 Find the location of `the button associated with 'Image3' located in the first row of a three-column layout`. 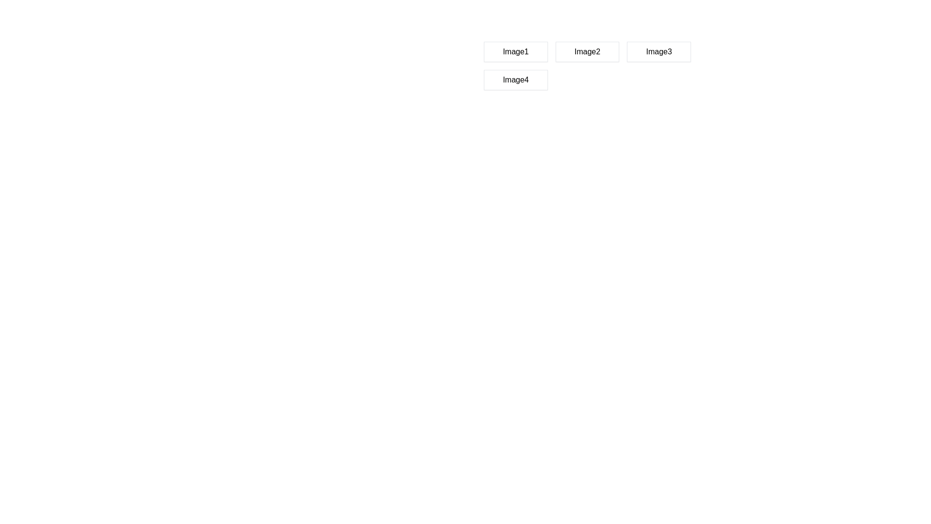

the button associated with 'Image3' located in the first row of a three-column layout is located at coordinates (658, 52).